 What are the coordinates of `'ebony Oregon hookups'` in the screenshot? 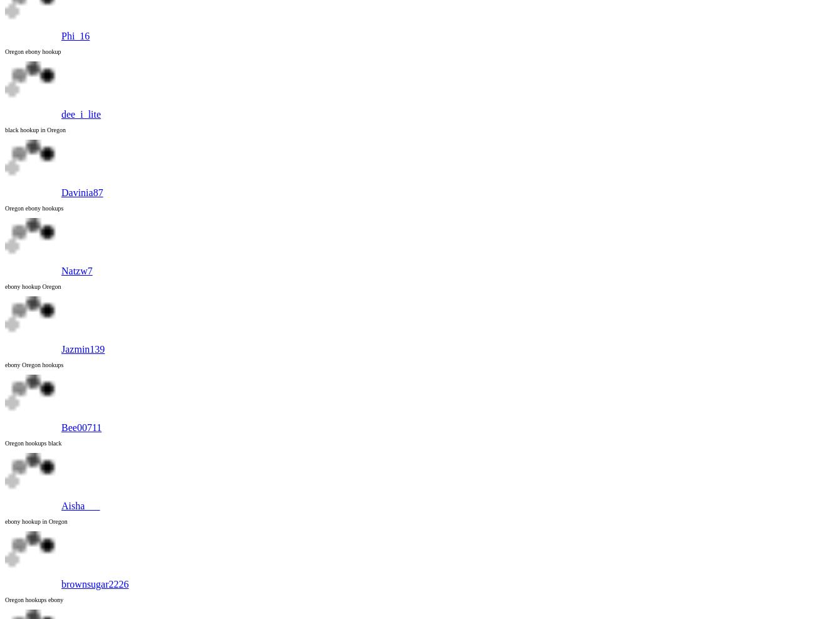 It's located at (34, 365).